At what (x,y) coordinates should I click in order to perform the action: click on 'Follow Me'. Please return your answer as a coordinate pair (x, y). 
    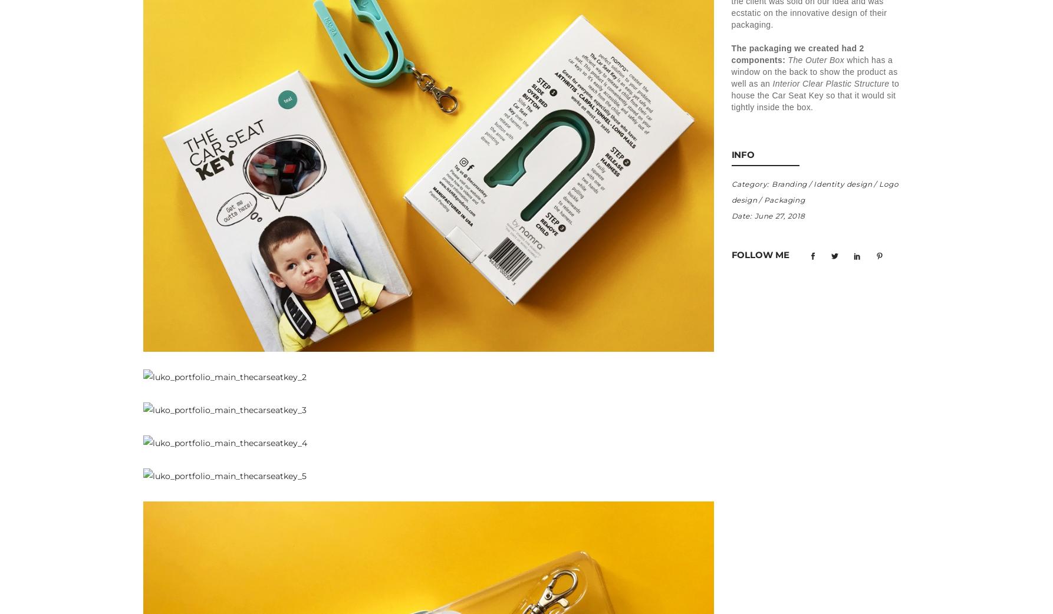
    Looking at the image, I should click on (759, 254).